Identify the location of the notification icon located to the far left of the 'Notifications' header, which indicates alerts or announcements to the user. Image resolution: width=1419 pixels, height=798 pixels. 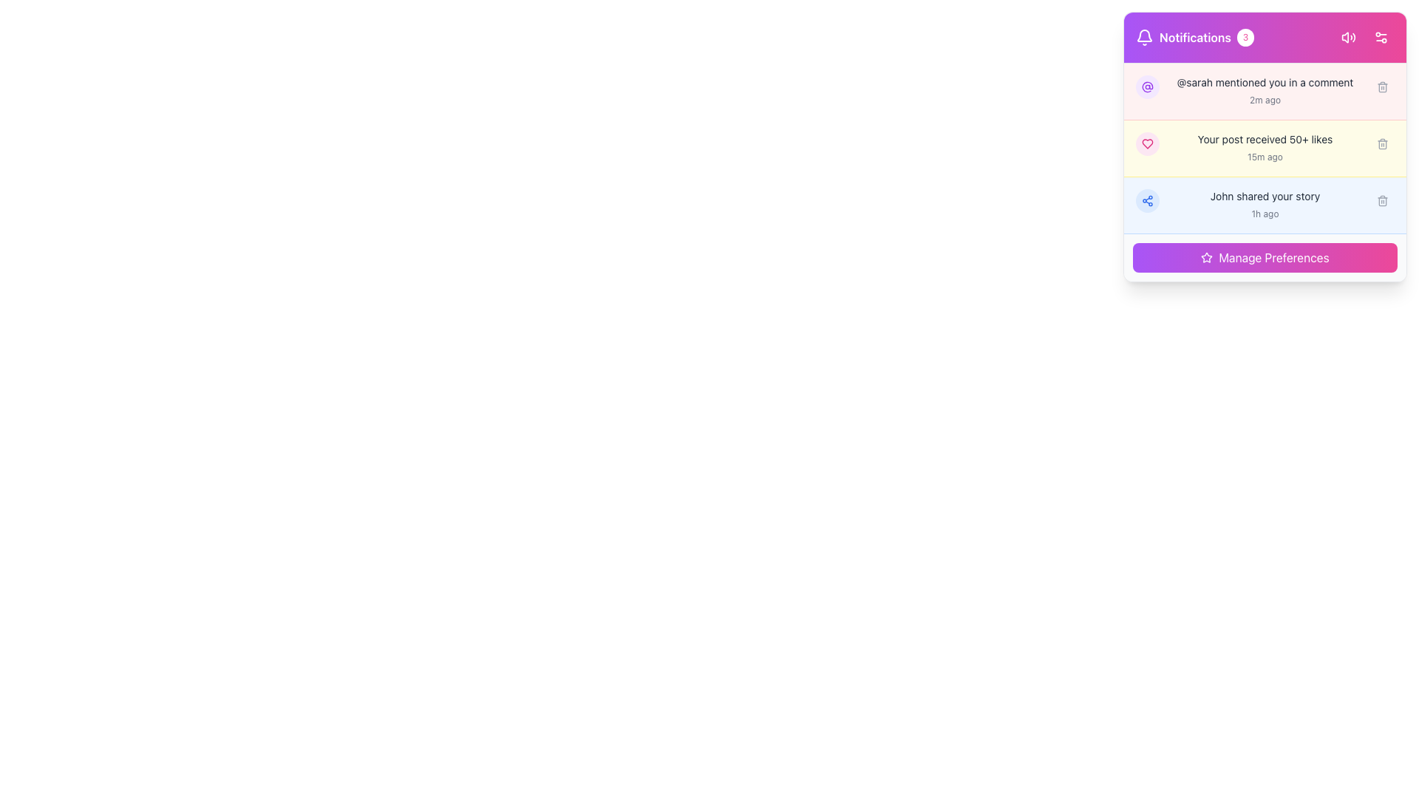
(1144, 36).